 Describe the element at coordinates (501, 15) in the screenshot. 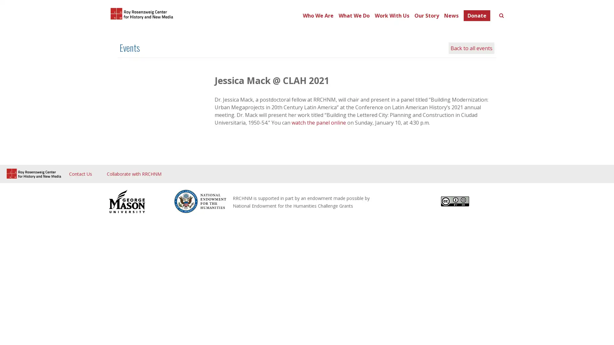

I see `Toggle search form` at that location.